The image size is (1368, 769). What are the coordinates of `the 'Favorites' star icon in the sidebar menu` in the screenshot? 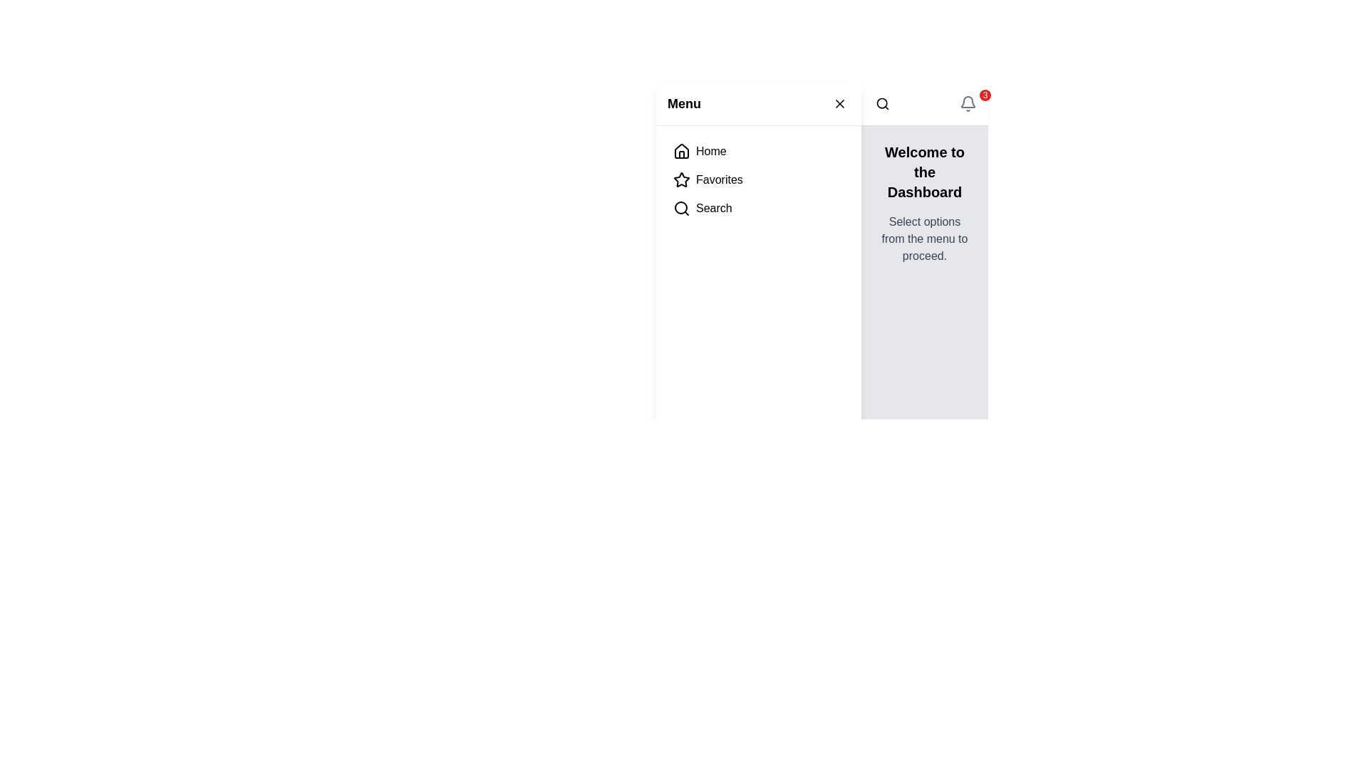 It's located at (680, 179).